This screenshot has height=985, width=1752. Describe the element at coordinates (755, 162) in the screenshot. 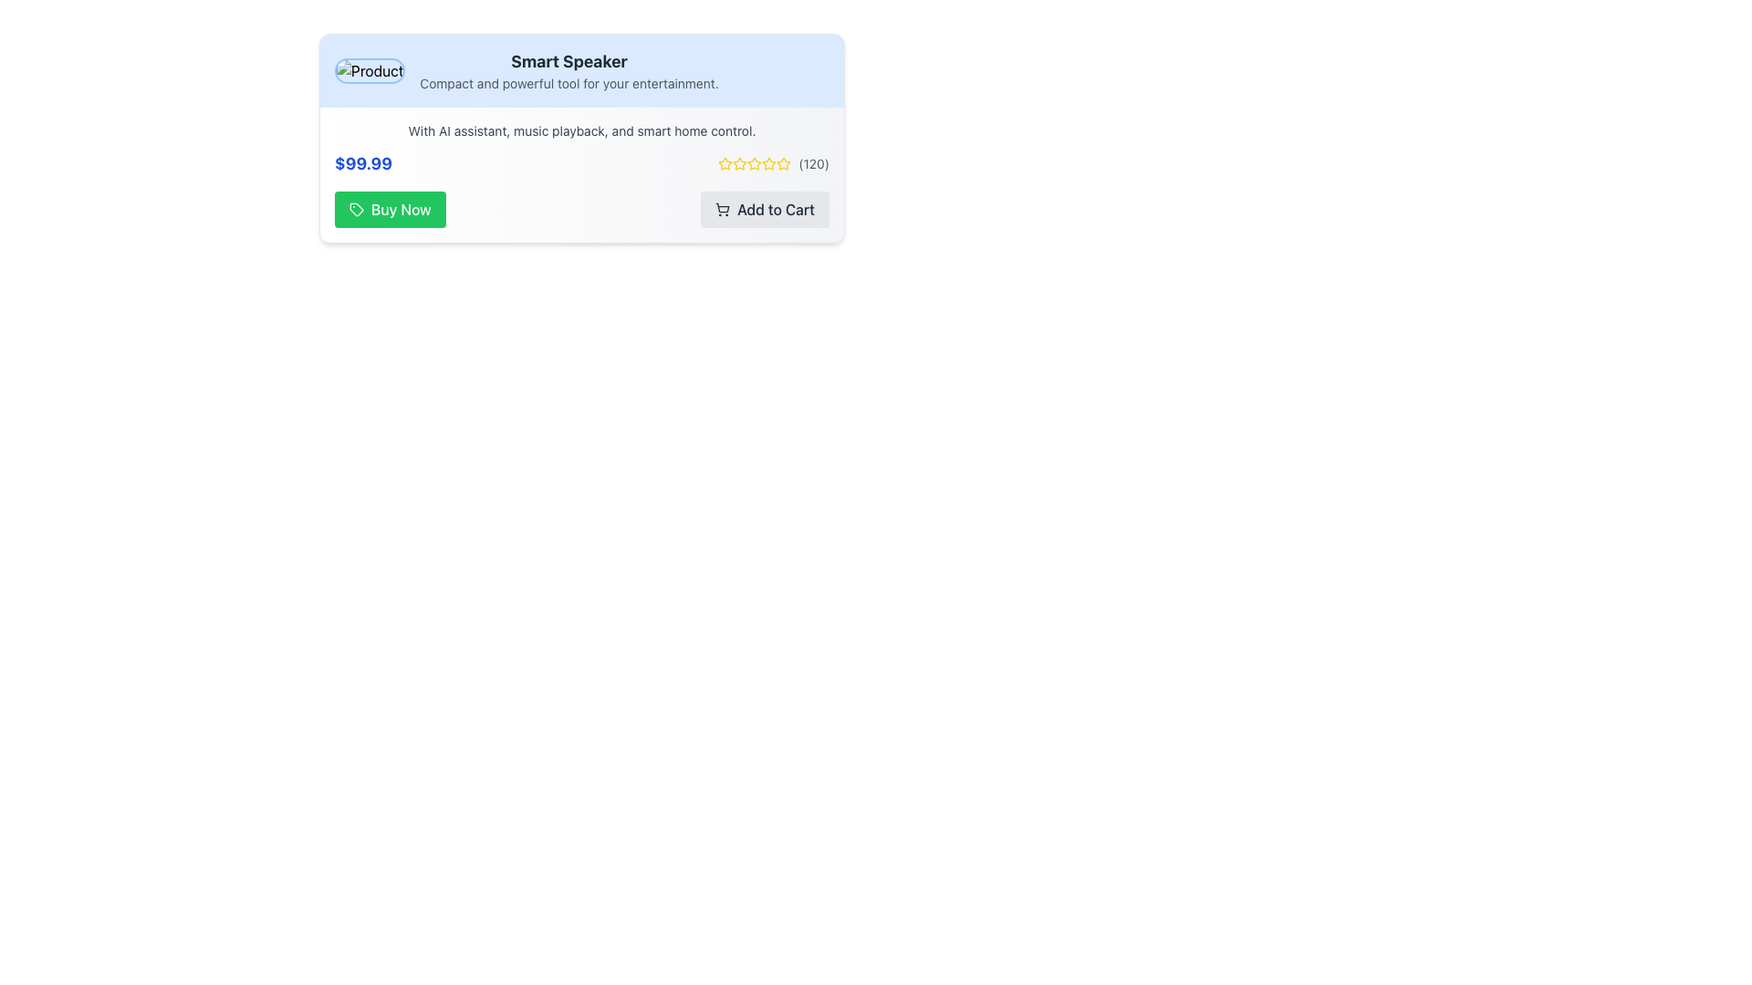

I see `the third yellow star icon in the rating system` at that location.